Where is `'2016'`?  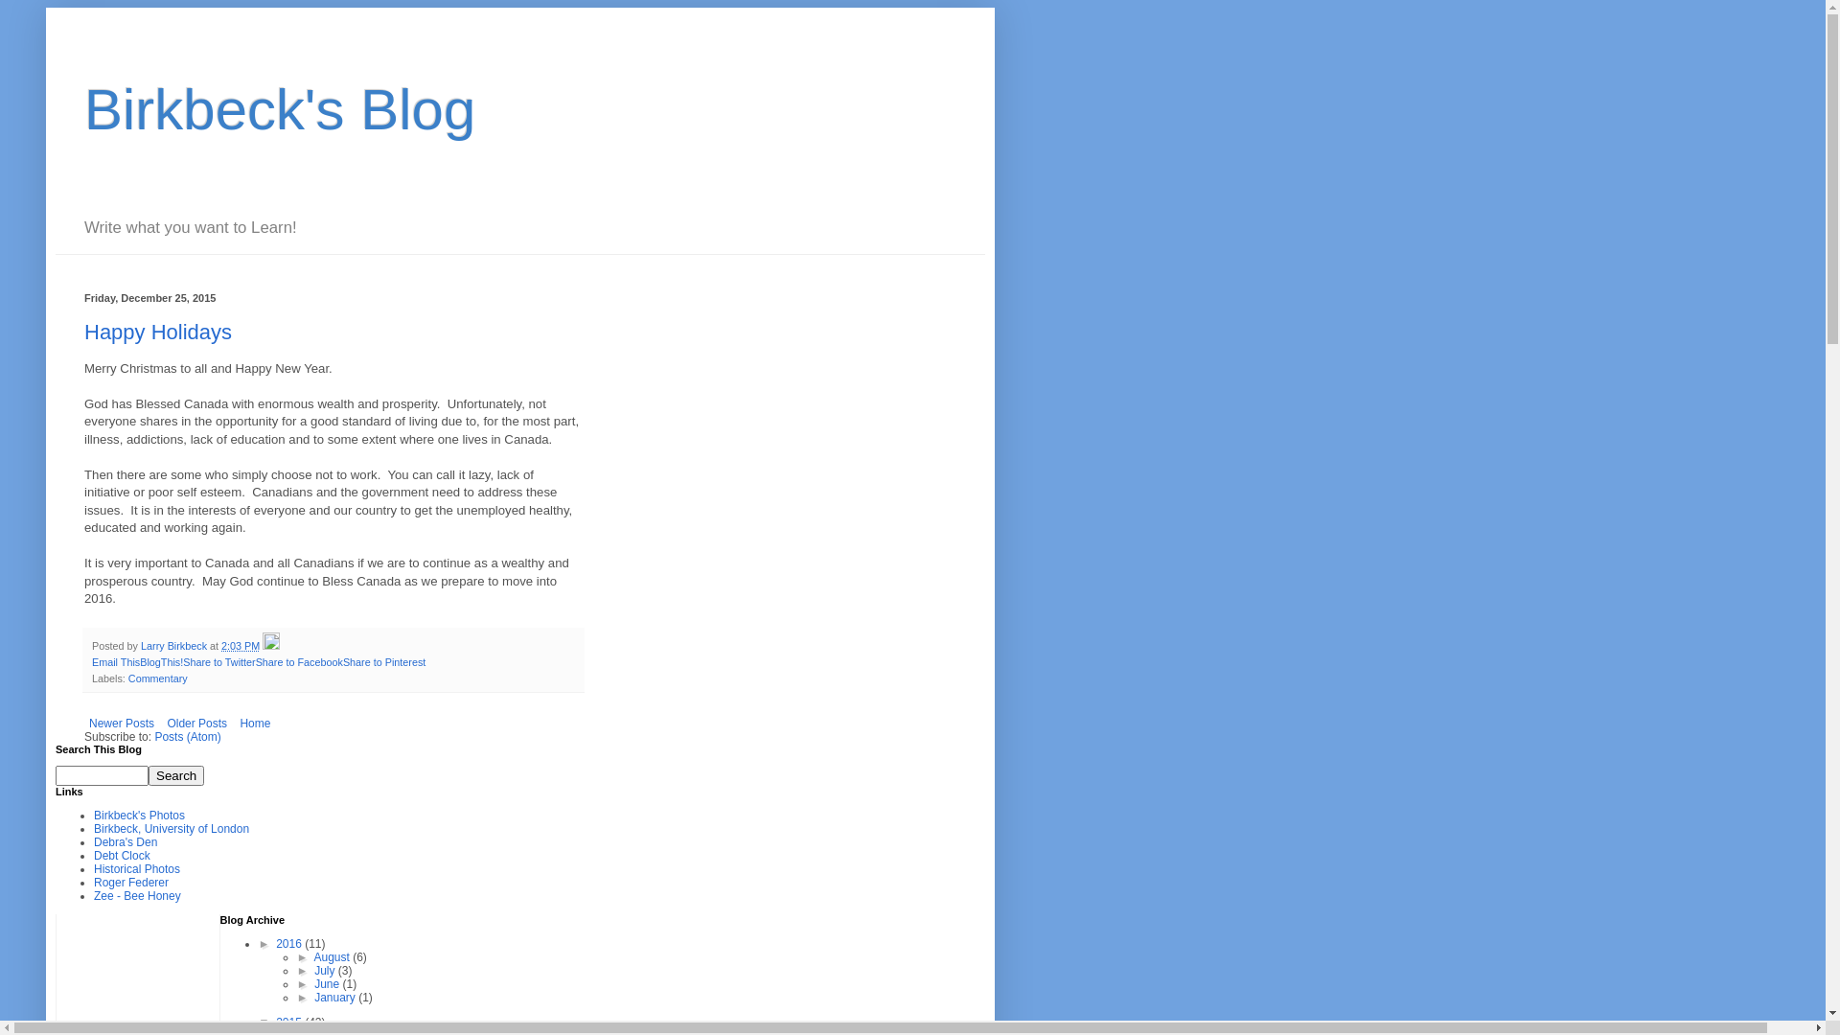
'2016' is located at coordinates (288, 942).